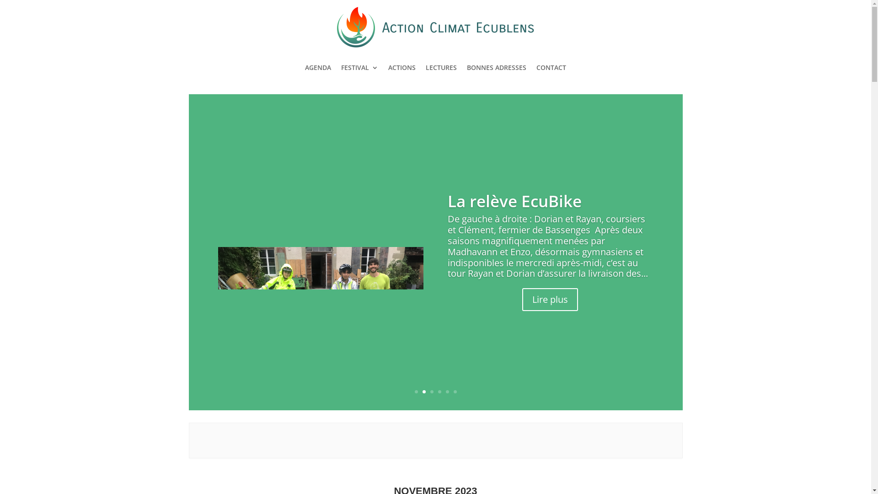 The height and width of the screenshot is (494, 878). Describe the element at coordinates (454, 391) in the screenshot. I see `'6'` at that location.